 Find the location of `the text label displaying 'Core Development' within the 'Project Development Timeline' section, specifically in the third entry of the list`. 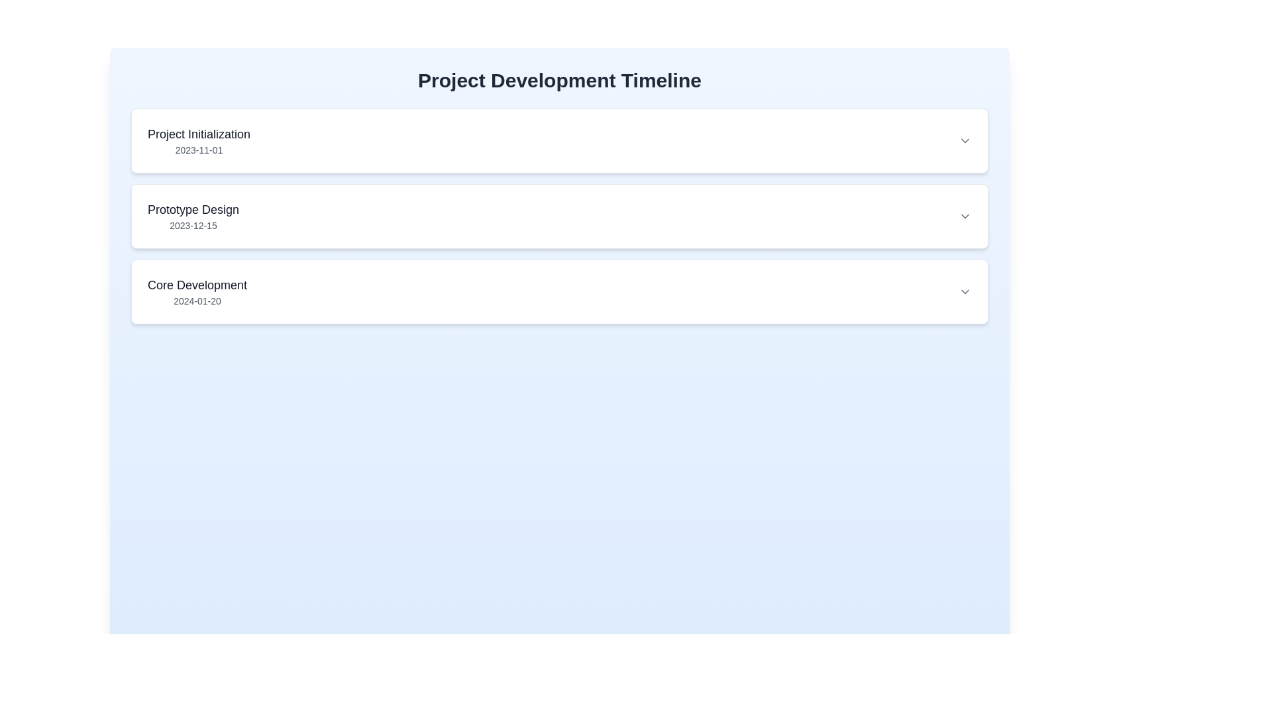

the text label displaying 'Core Development' within the 'Project Development Timeline' section, specifically in the third entry of the list is located at coordinates (196, 285).